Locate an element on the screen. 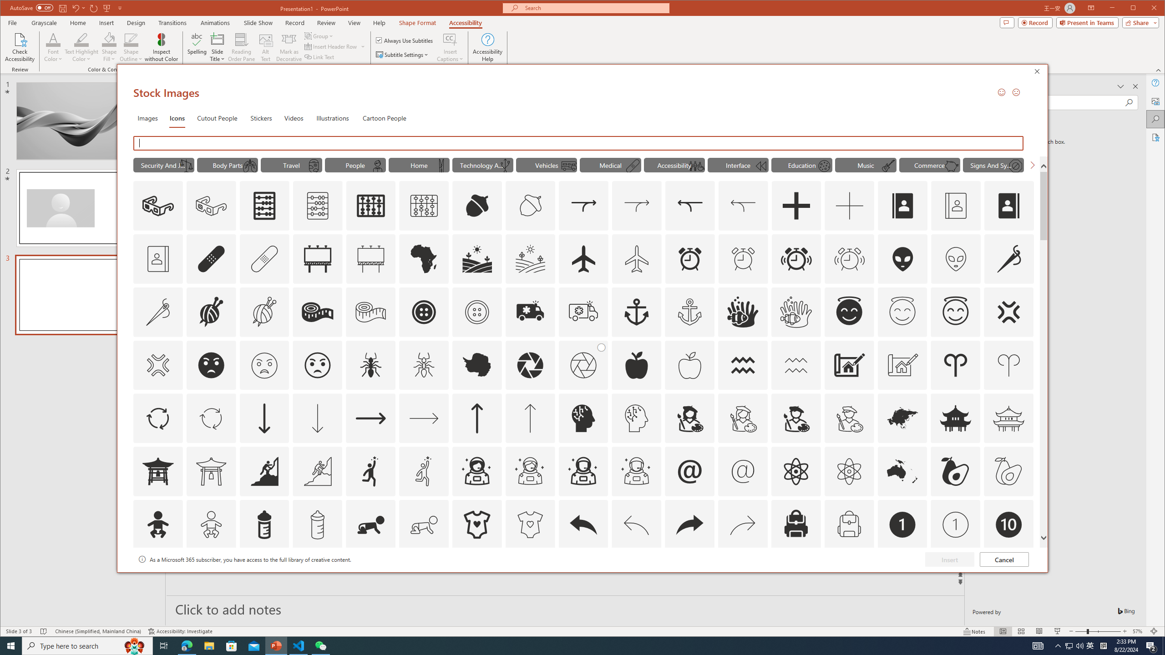 The height and width of the screenshot is (655, 1165). 'AutomationID: Icons_Aspiration1_M' is located at coordinates (423, 471).